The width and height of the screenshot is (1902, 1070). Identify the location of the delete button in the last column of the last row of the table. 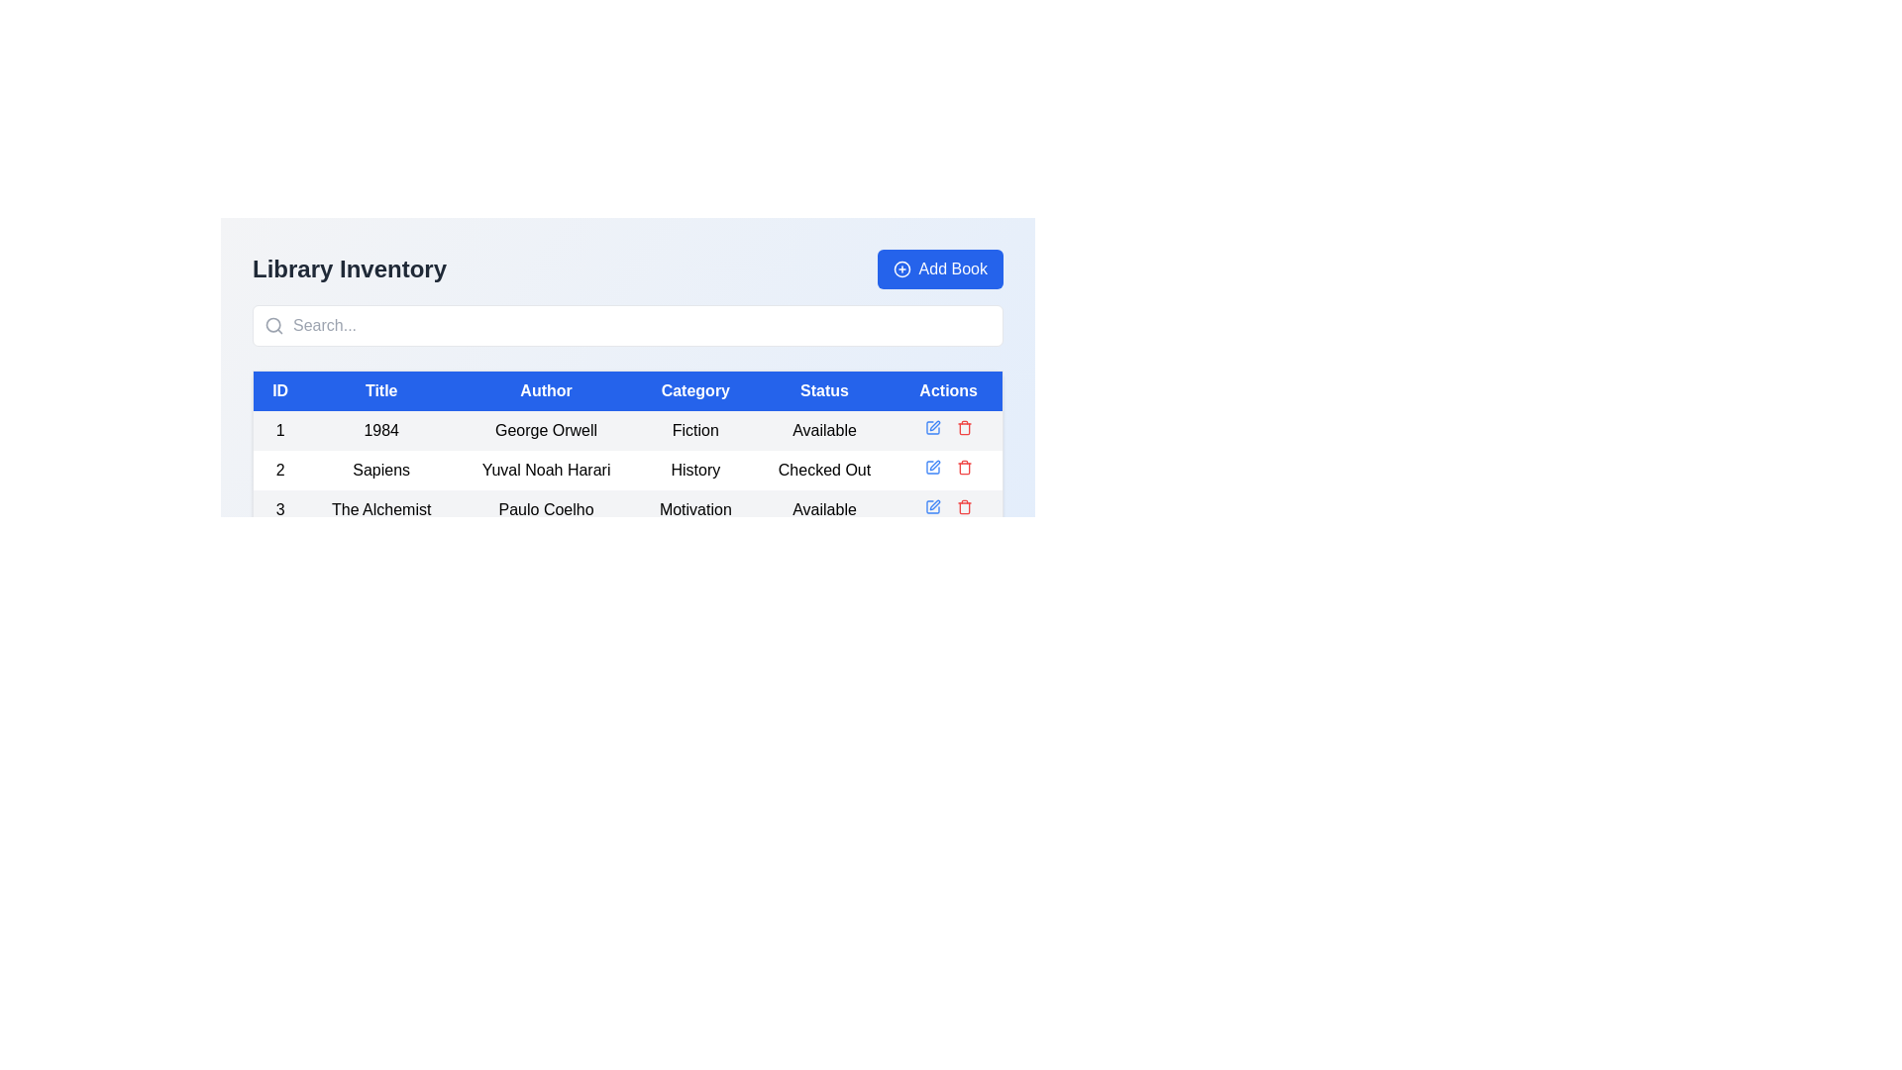
(964, 506).